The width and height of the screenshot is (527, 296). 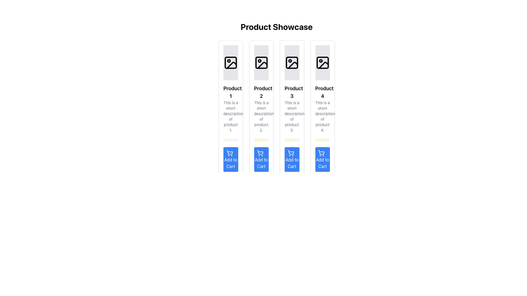 What do you see at coordinates (286, 140) in the screenshot?
I see `the first star icon in the product rating system for 'Product 3' located beneath the product description and above the 'Add to Cart' button` at bounding box center [286, 140].